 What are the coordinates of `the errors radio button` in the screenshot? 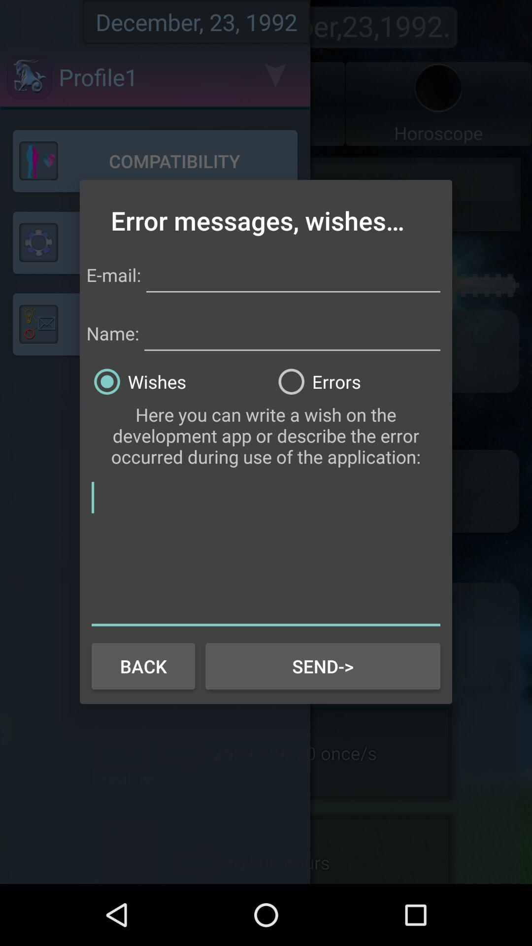 It's located at (358, 381).